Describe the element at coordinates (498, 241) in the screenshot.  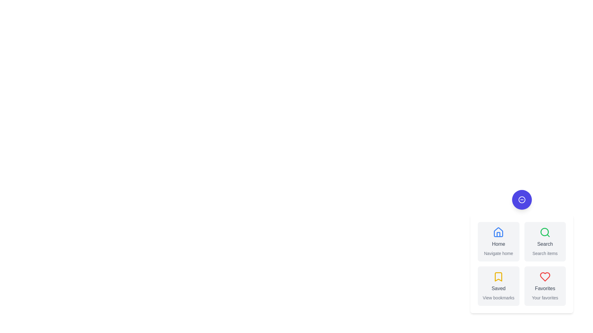
I see `the 'Home' button to navigate home` at that location.